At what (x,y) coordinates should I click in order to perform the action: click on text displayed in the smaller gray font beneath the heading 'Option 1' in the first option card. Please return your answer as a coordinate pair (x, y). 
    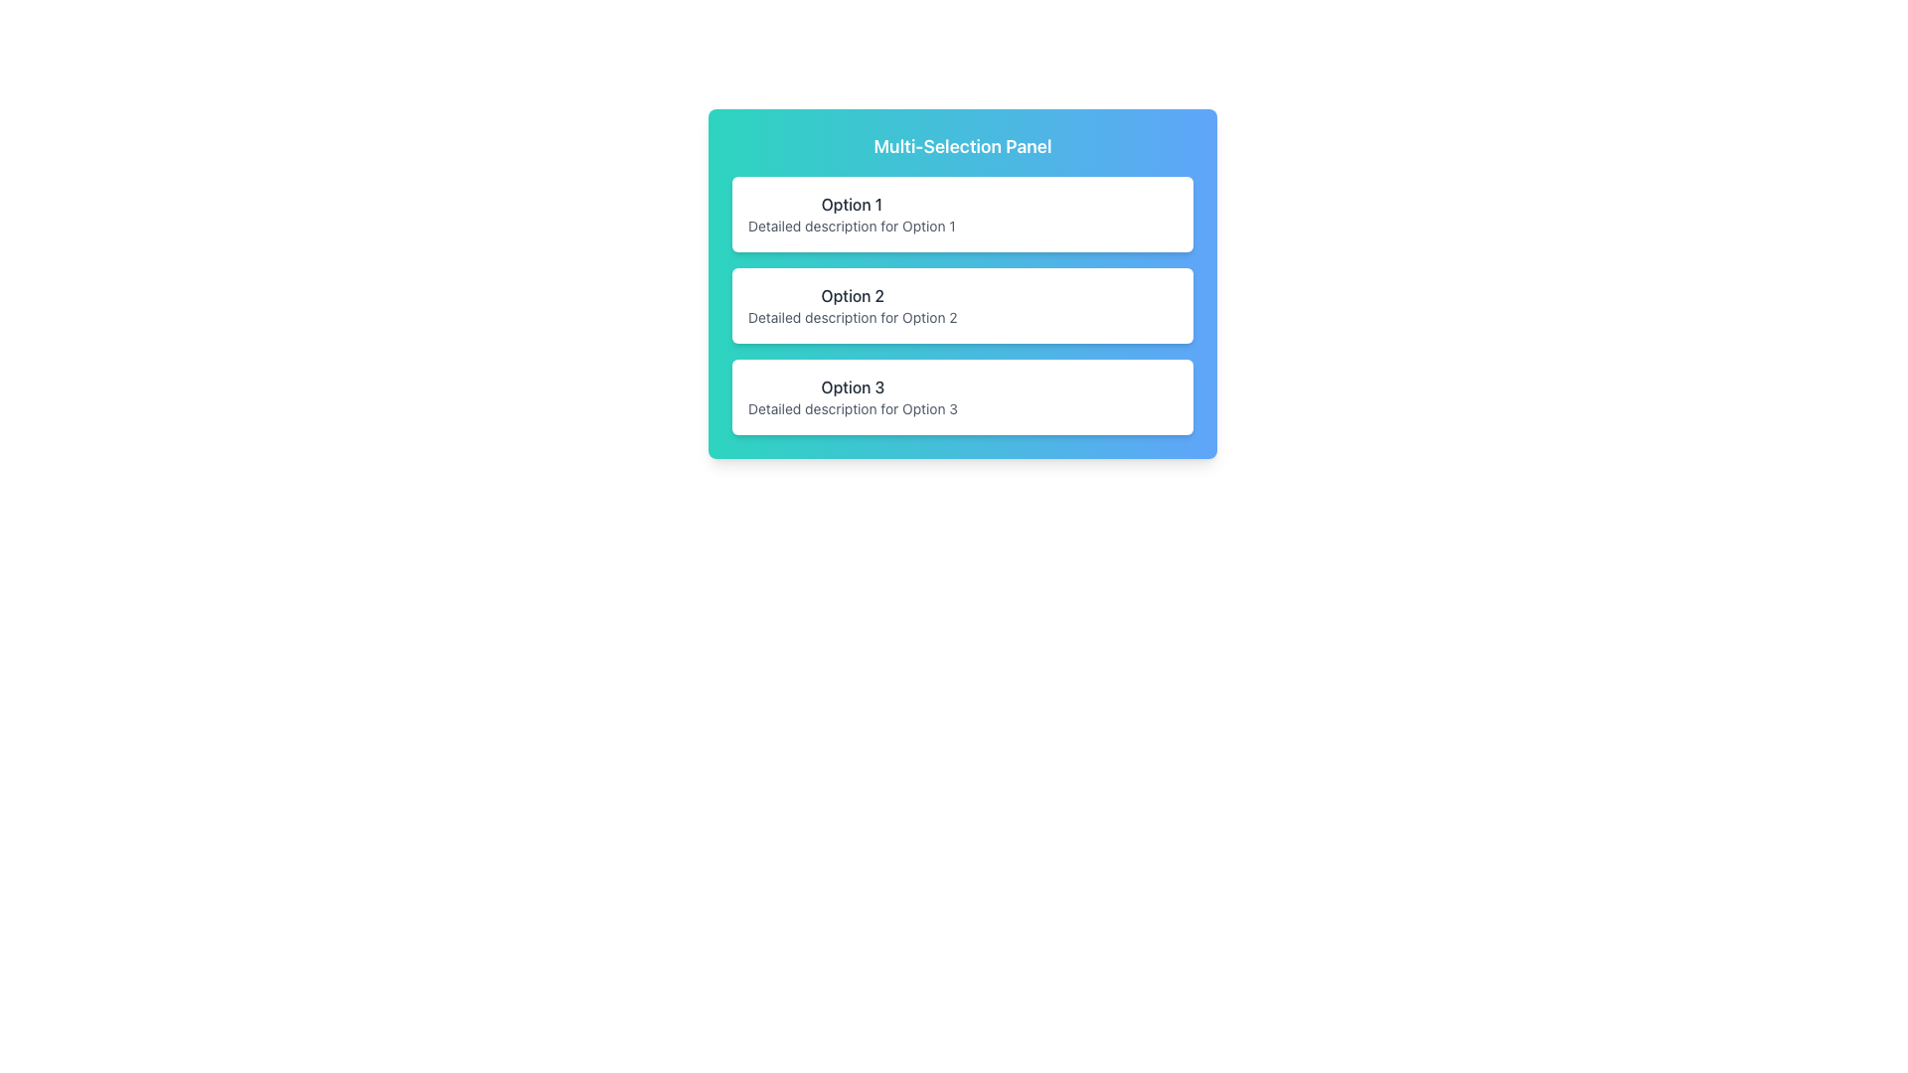
    Looking at the image, I should click on (852, 225).